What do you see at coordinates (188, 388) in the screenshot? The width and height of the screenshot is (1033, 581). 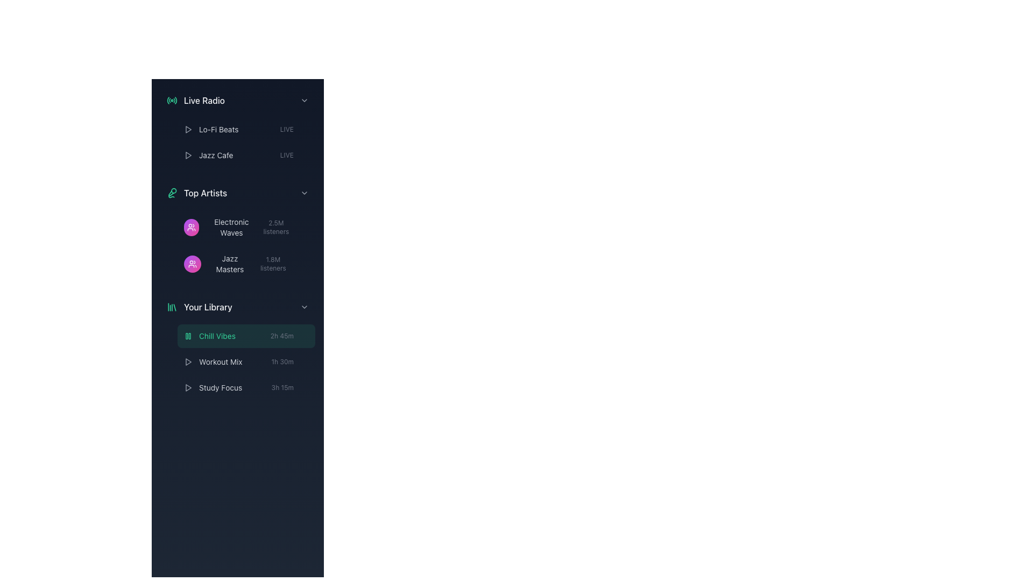 I see `the small play icon button, styled in gray and turning emerald green on hover, located next to the 'Study Focus' label` at bounding box center [188, 388].